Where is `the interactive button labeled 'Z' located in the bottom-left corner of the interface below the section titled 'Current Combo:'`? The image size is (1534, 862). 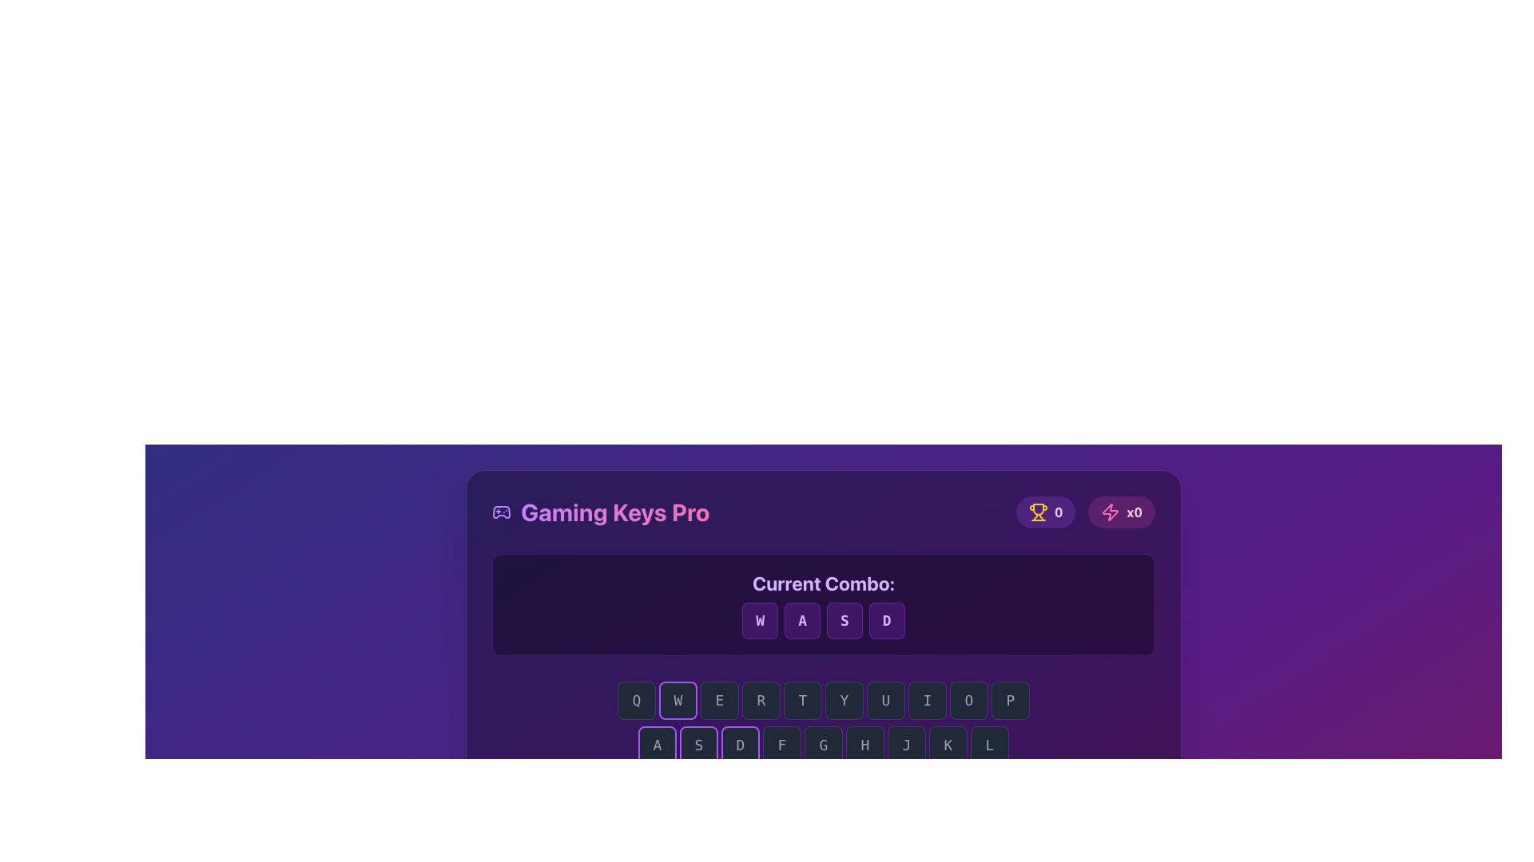 the interactive button labeled 'Z' located in the bottom-left corner of the interface below the section titled 'Current Combo:' is located at coordinates (698, 790).